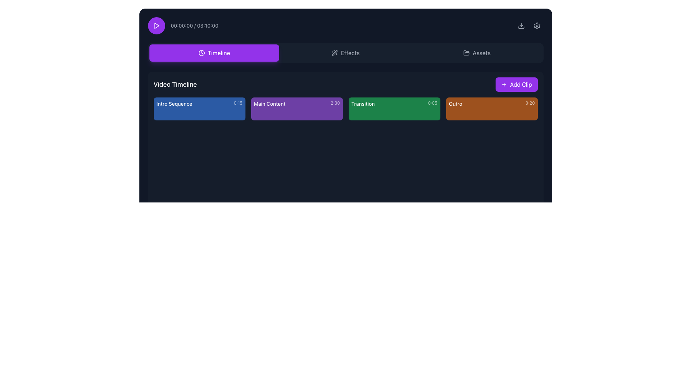 The image size is (688, 387). Describe the element at coordinates (467, 52) in the screenshot. I see `the folder icon which is styled as an outline graphic and is positioned to the left of the 'Assets' label in the upper-right interface section` at that location.